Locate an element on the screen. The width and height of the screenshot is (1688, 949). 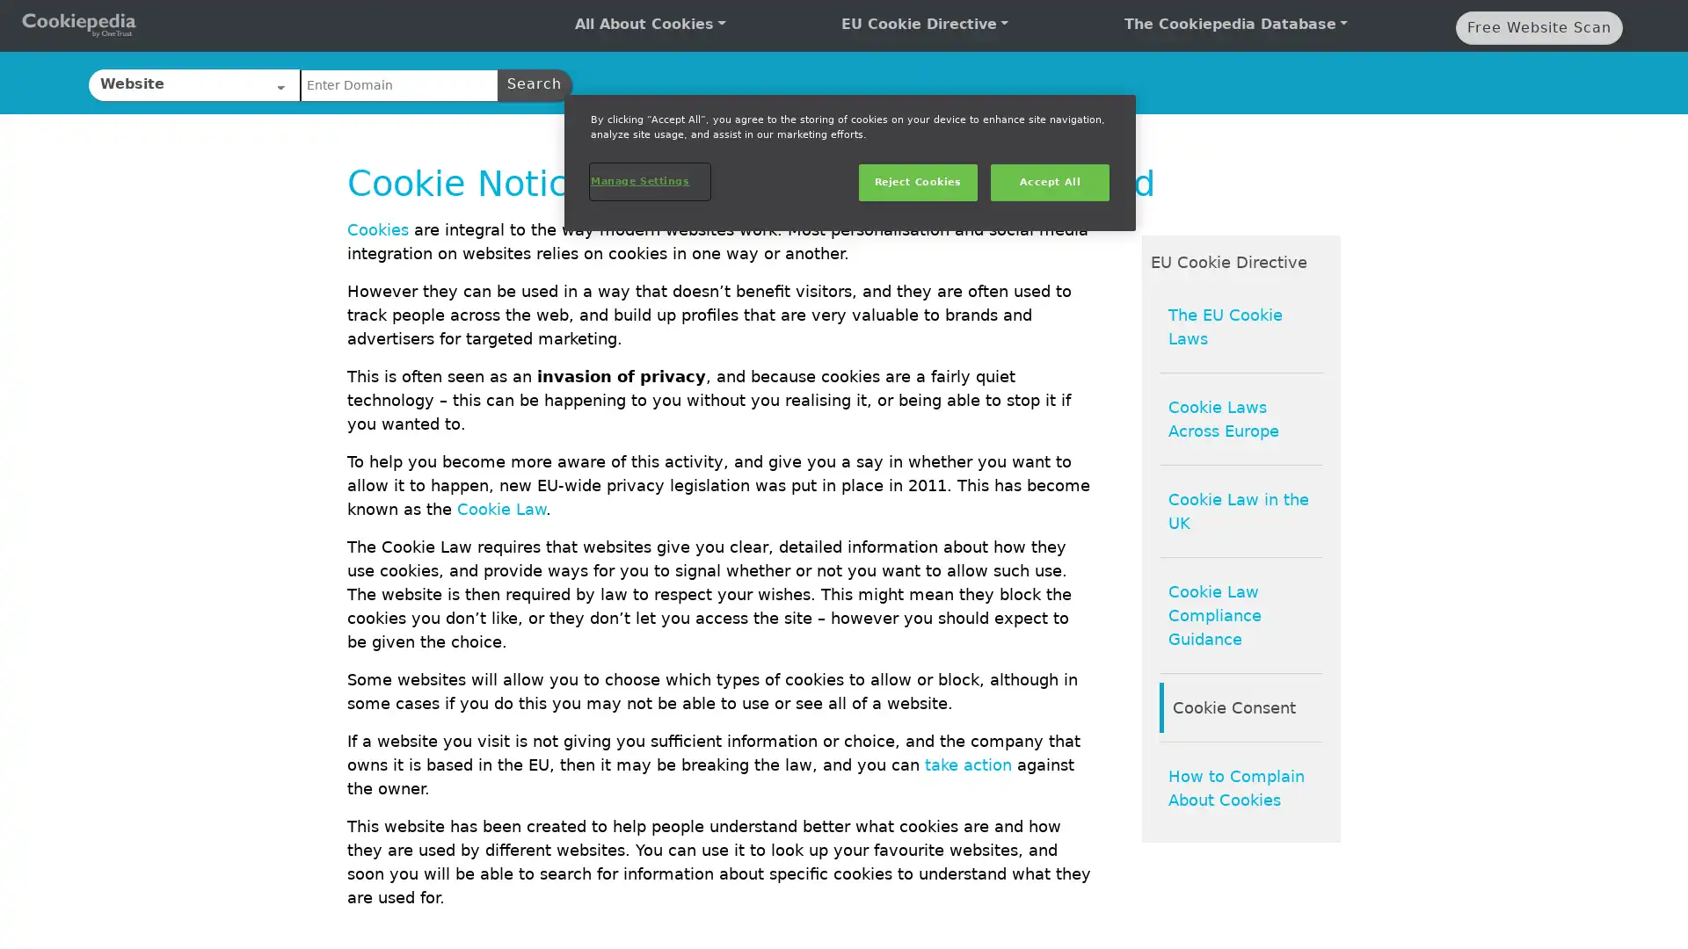
Manage Settings is located at coordinates (649, 182).